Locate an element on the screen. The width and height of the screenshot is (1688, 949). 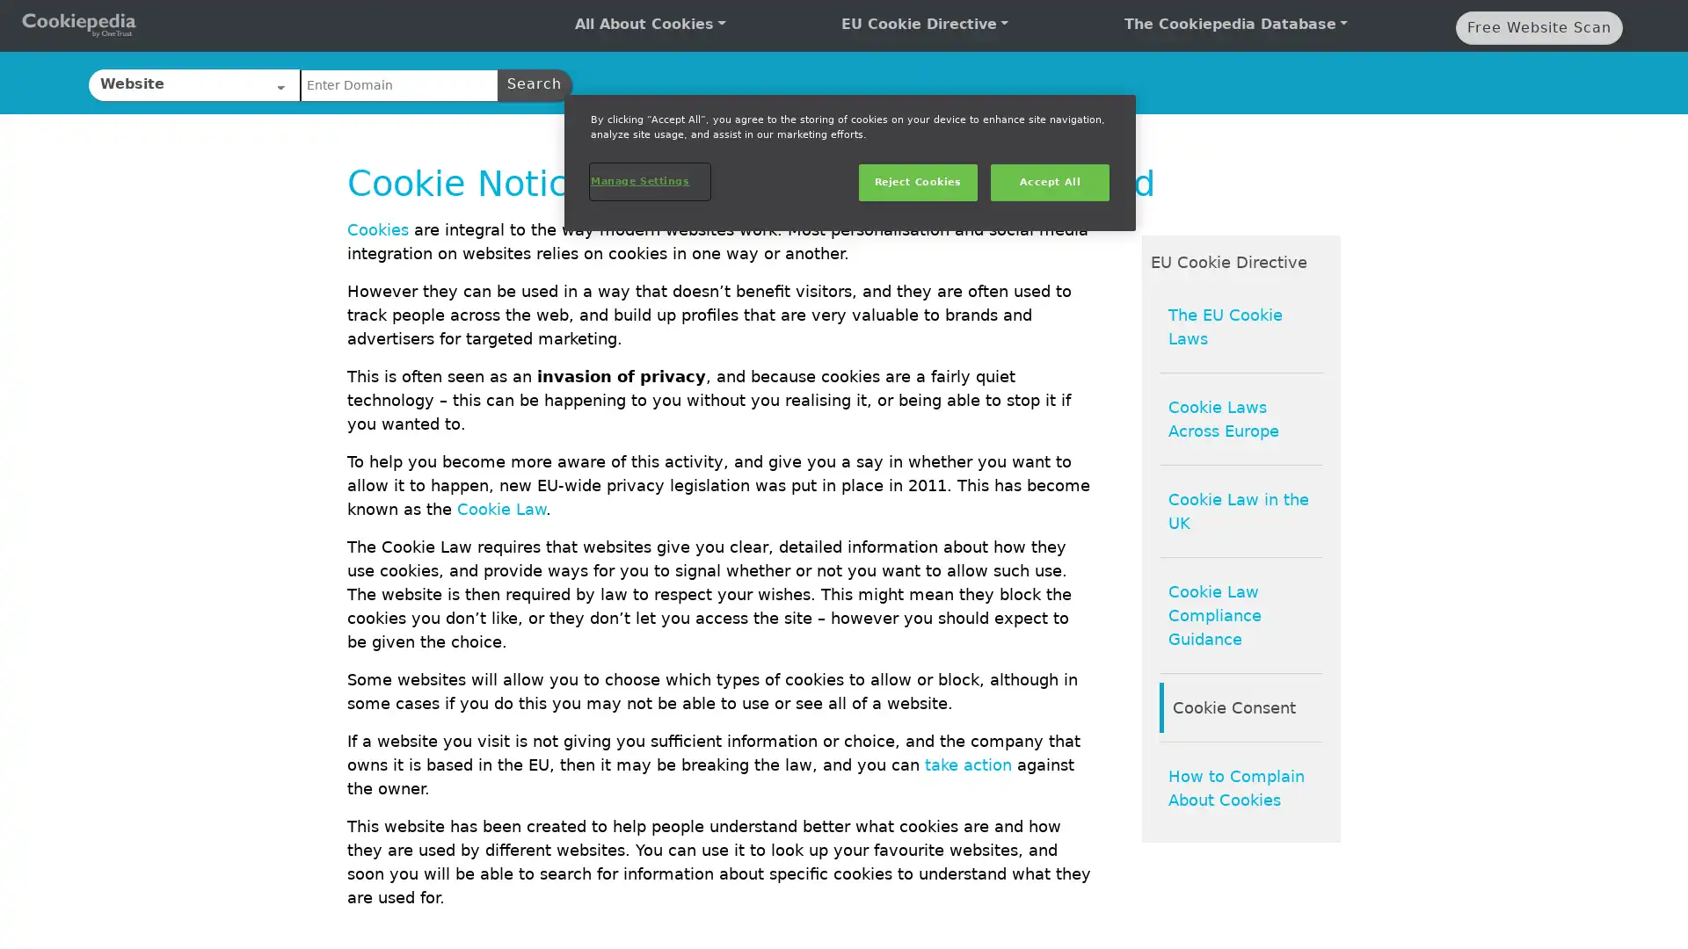
Manage Settings is located at coordinates (649, 182).